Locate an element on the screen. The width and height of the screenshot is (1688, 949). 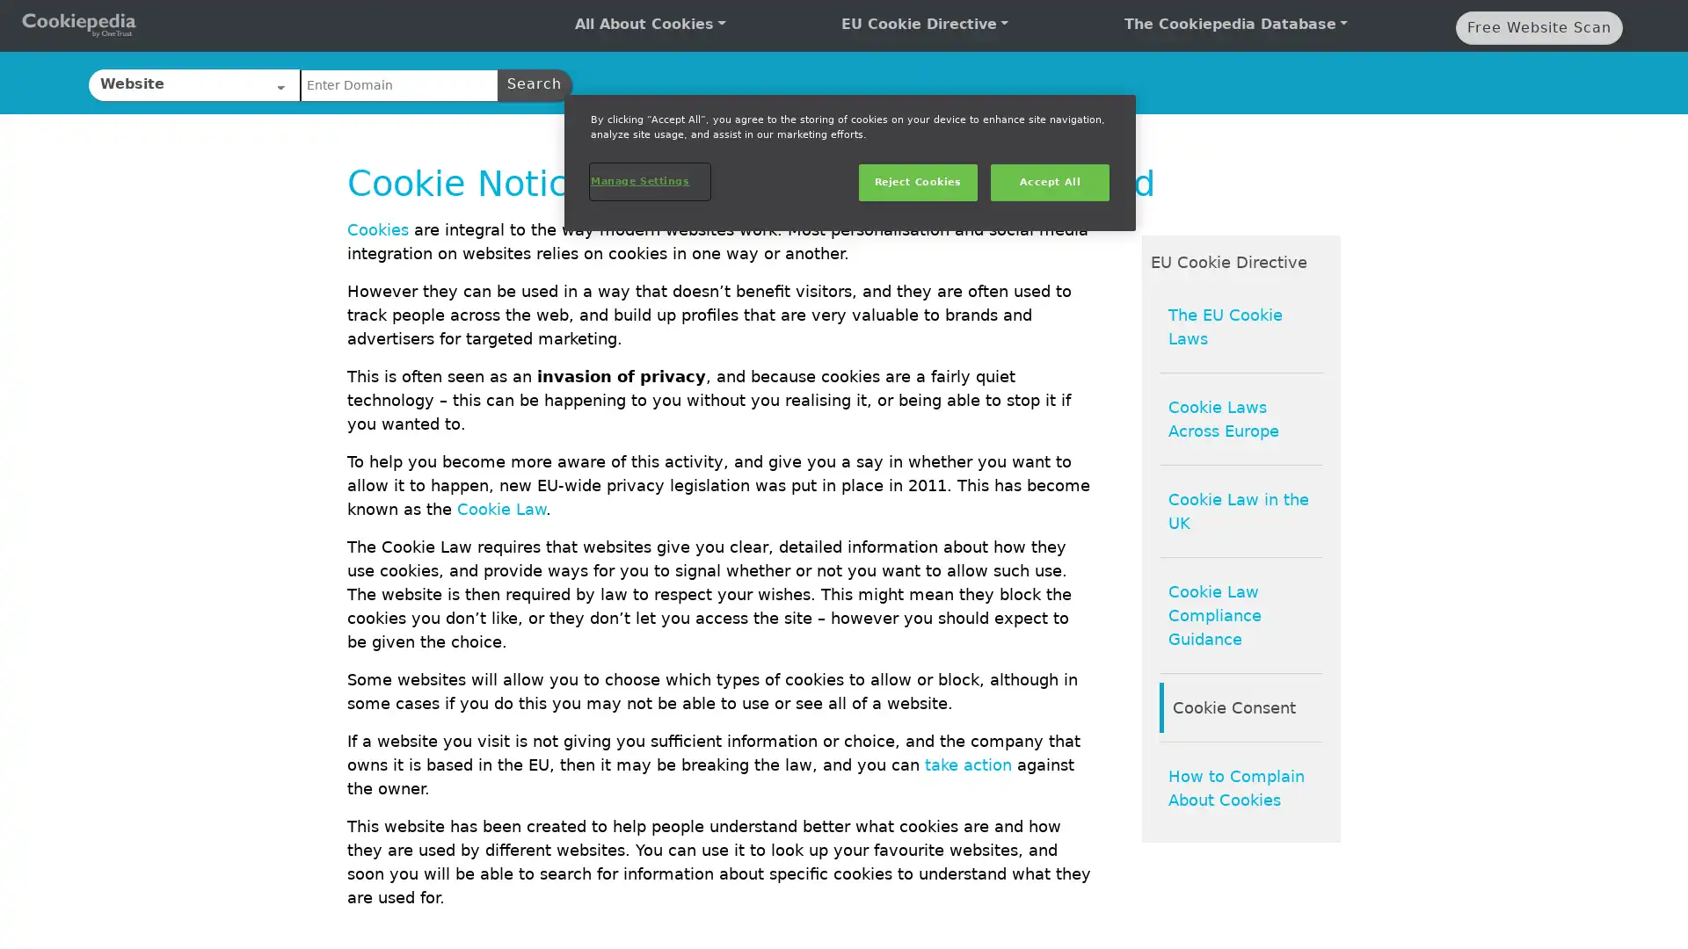
Manage Settings is located at coordinates (649, 182).